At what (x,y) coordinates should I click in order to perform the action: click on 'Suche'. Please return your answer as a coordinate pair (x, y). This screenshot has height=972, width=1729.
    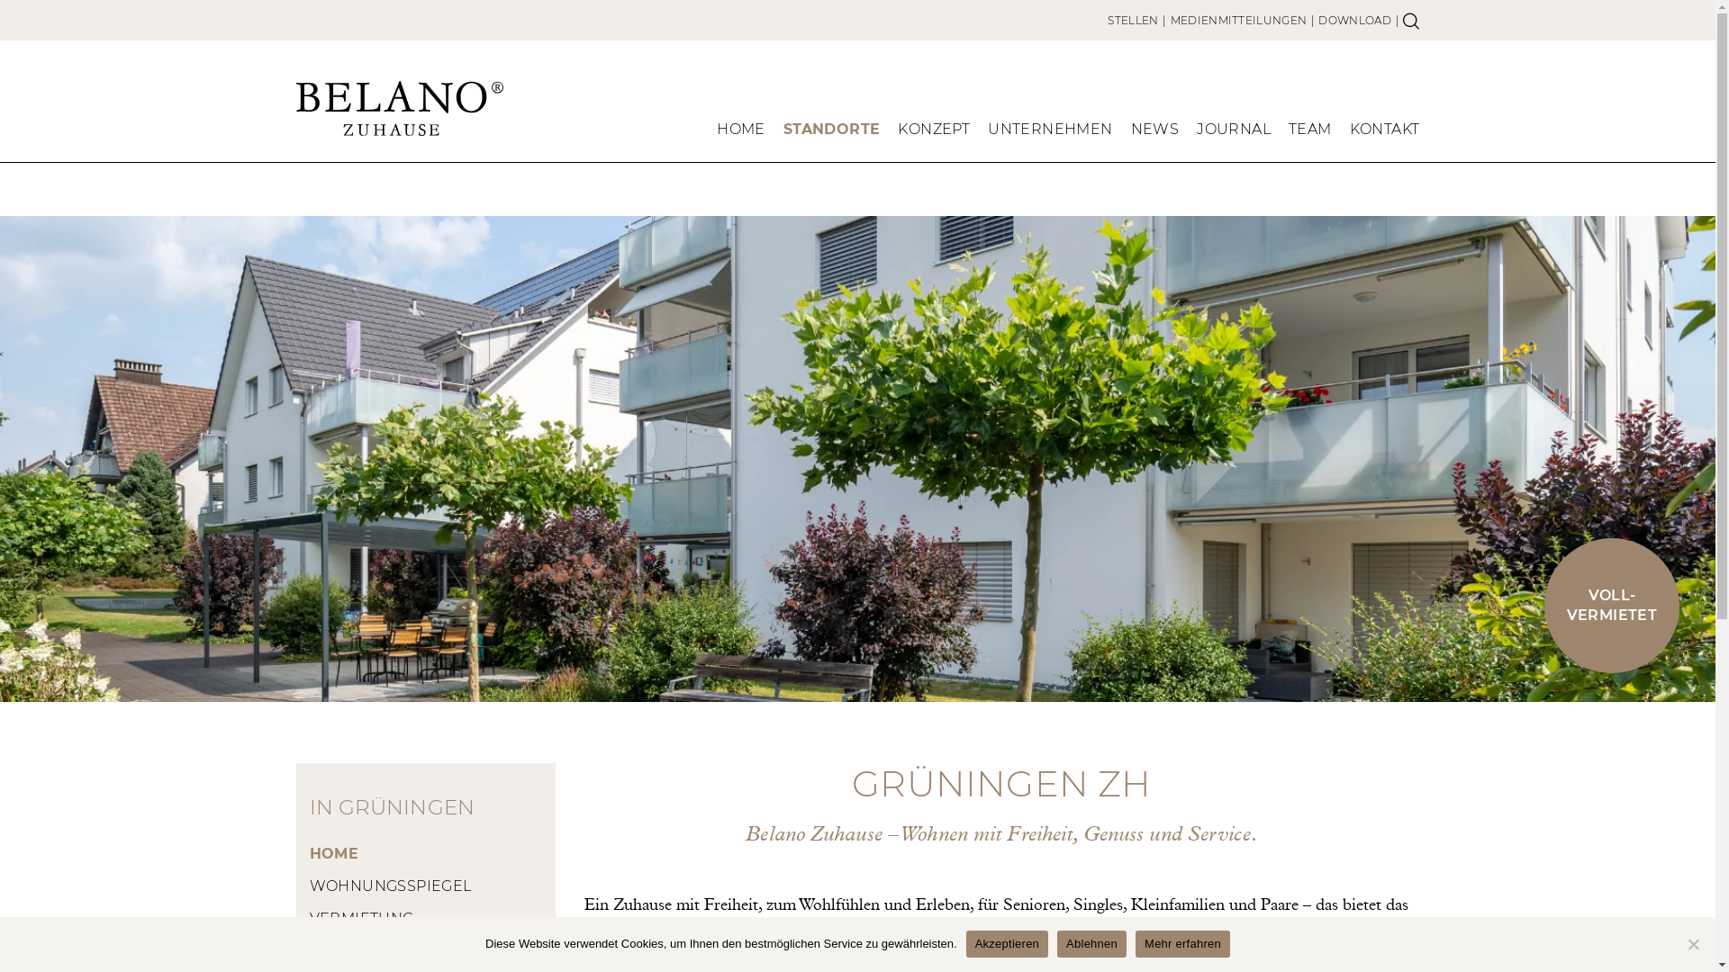
    Looking at the image, I should click on (1409, 20).